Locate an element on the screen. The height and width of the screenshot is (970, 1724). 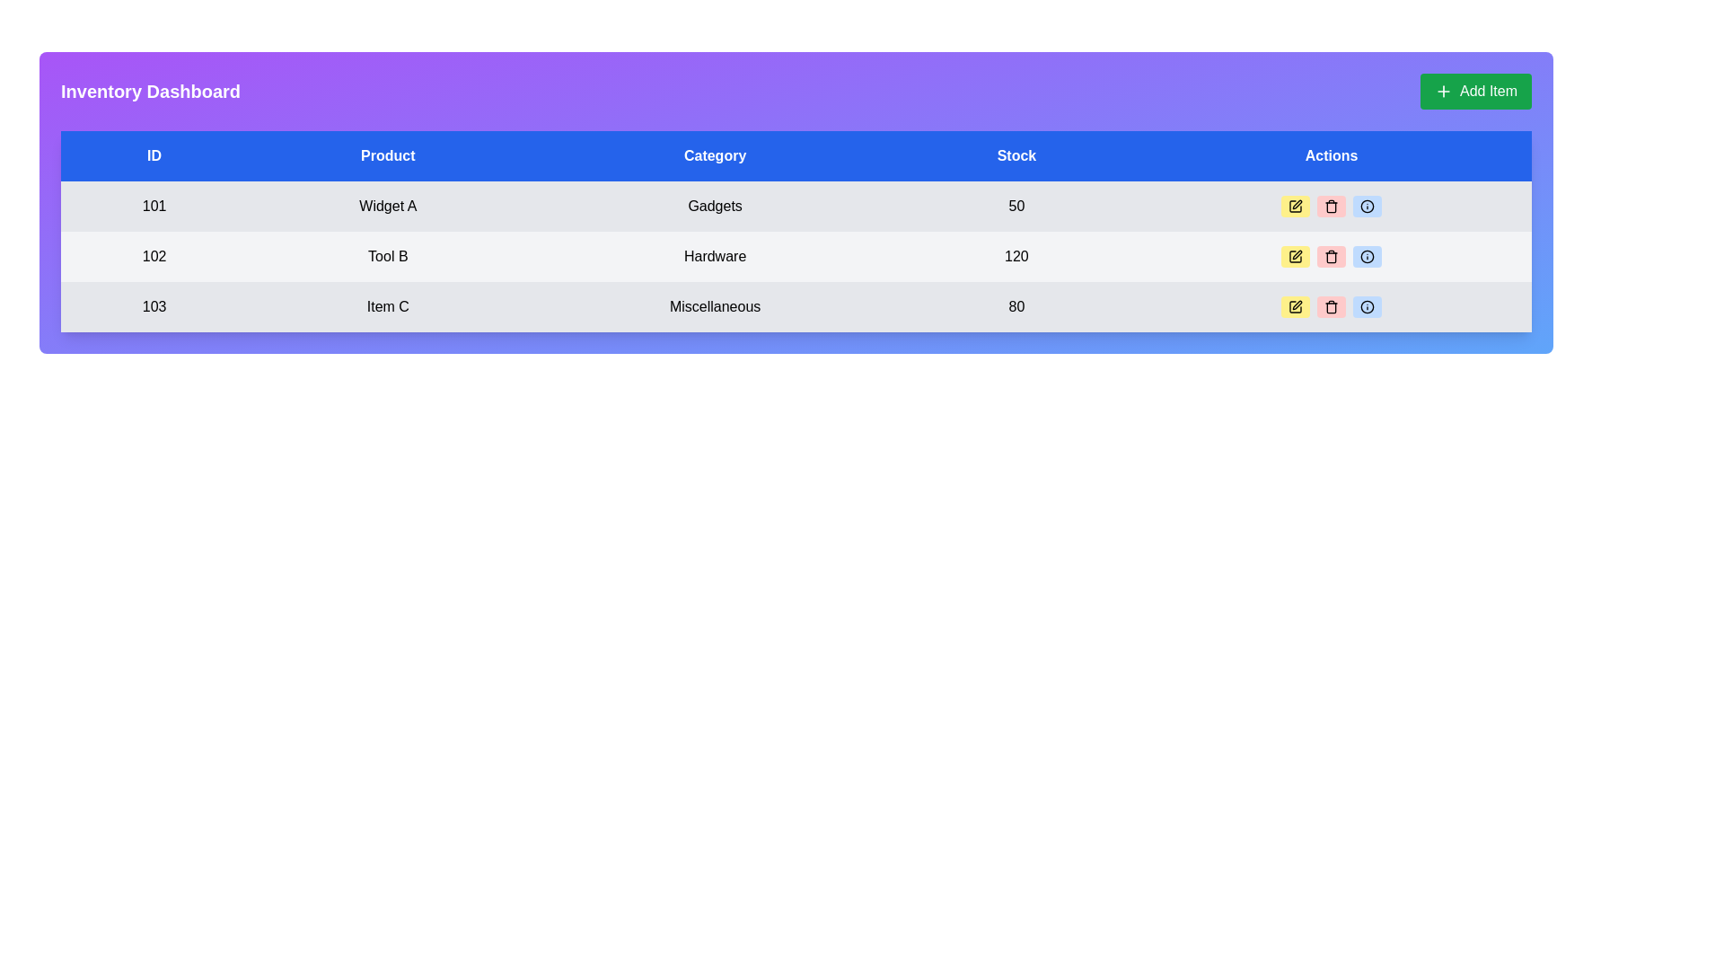
text 'Item C' displayed in the cell located in the second column of the third row of the table, below 'Tool B' is located at coordinates (387, 306).